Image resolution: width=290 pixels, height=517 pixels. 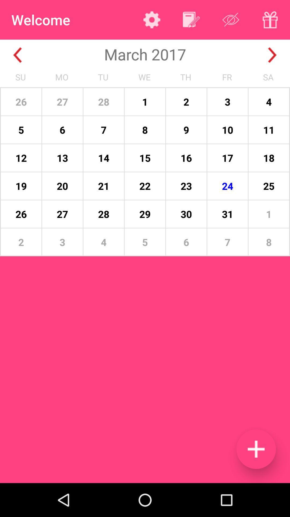 I want to click on previous, so click(x=17, y=55).